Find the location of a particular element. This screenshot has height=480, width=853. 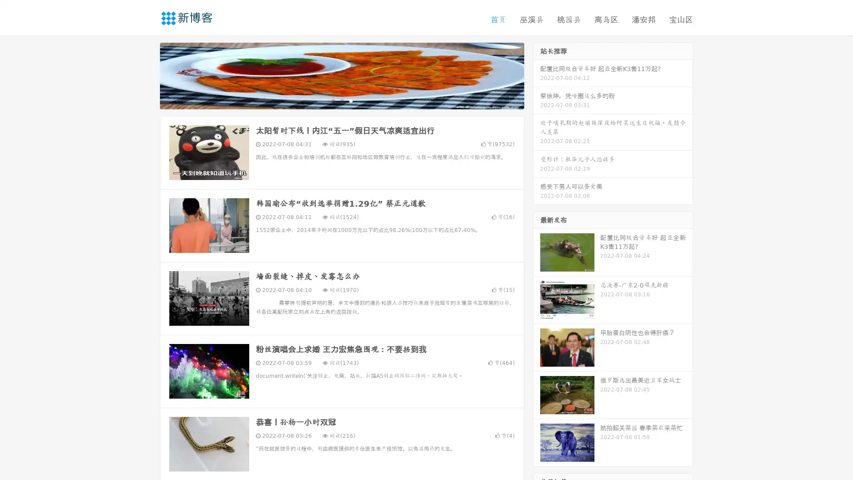

Previous slide is located at coordinates (147, 75).